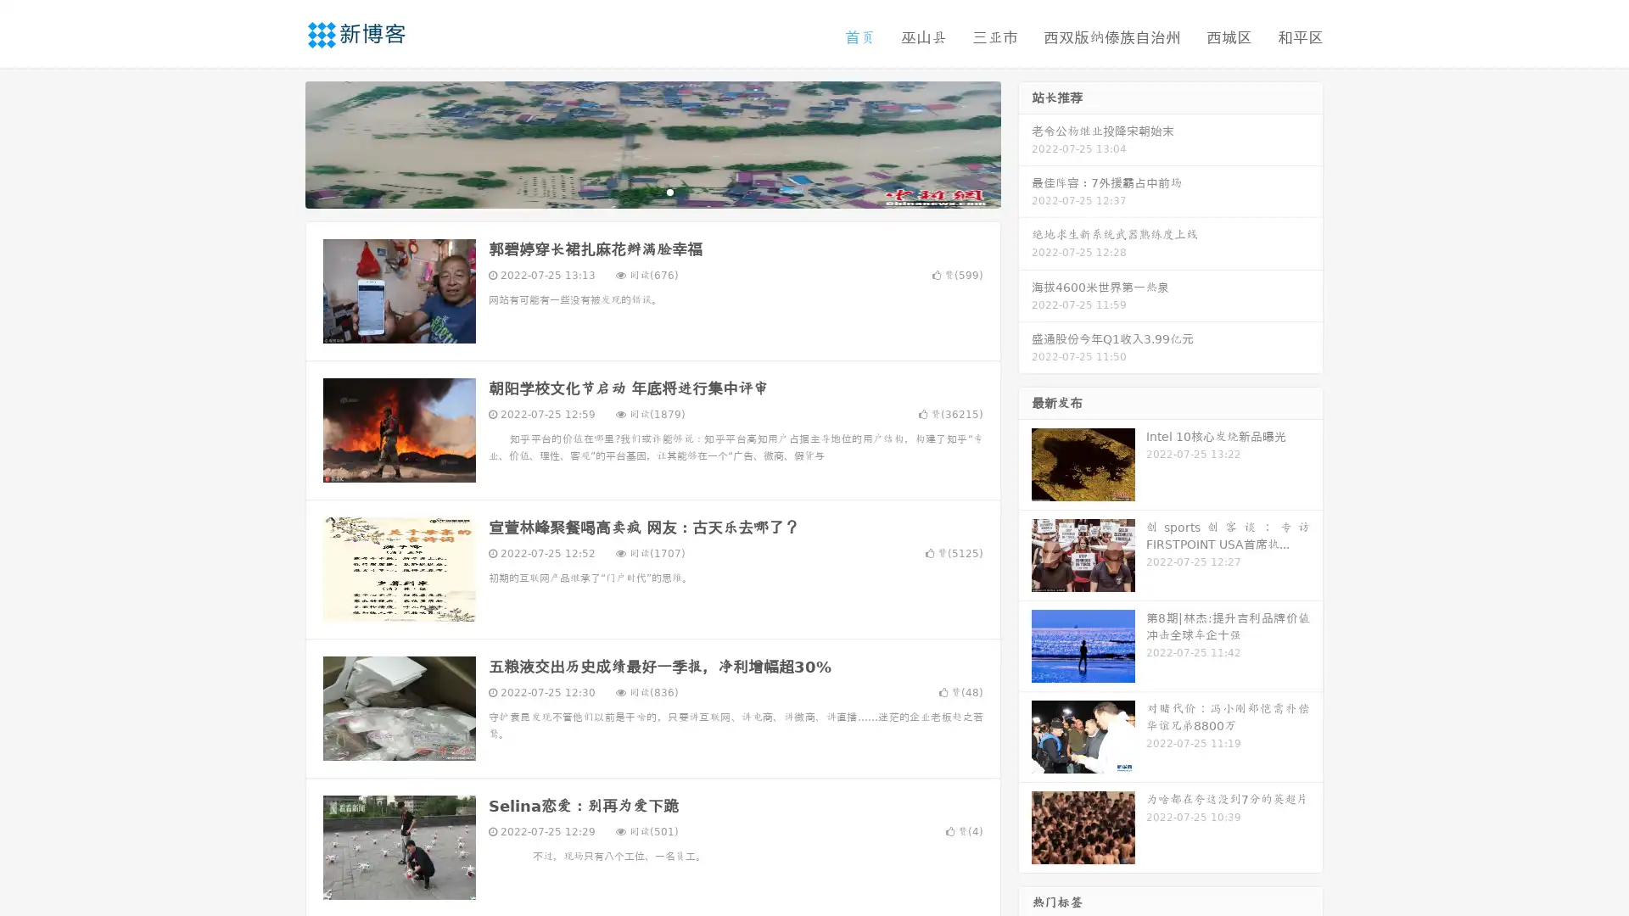 The width and height of the screenshot is (1629, 916). What do you see at coordinates (635, 191) in the screenshot?
I see `Go to slide 1` at bounding box center [635, 191].